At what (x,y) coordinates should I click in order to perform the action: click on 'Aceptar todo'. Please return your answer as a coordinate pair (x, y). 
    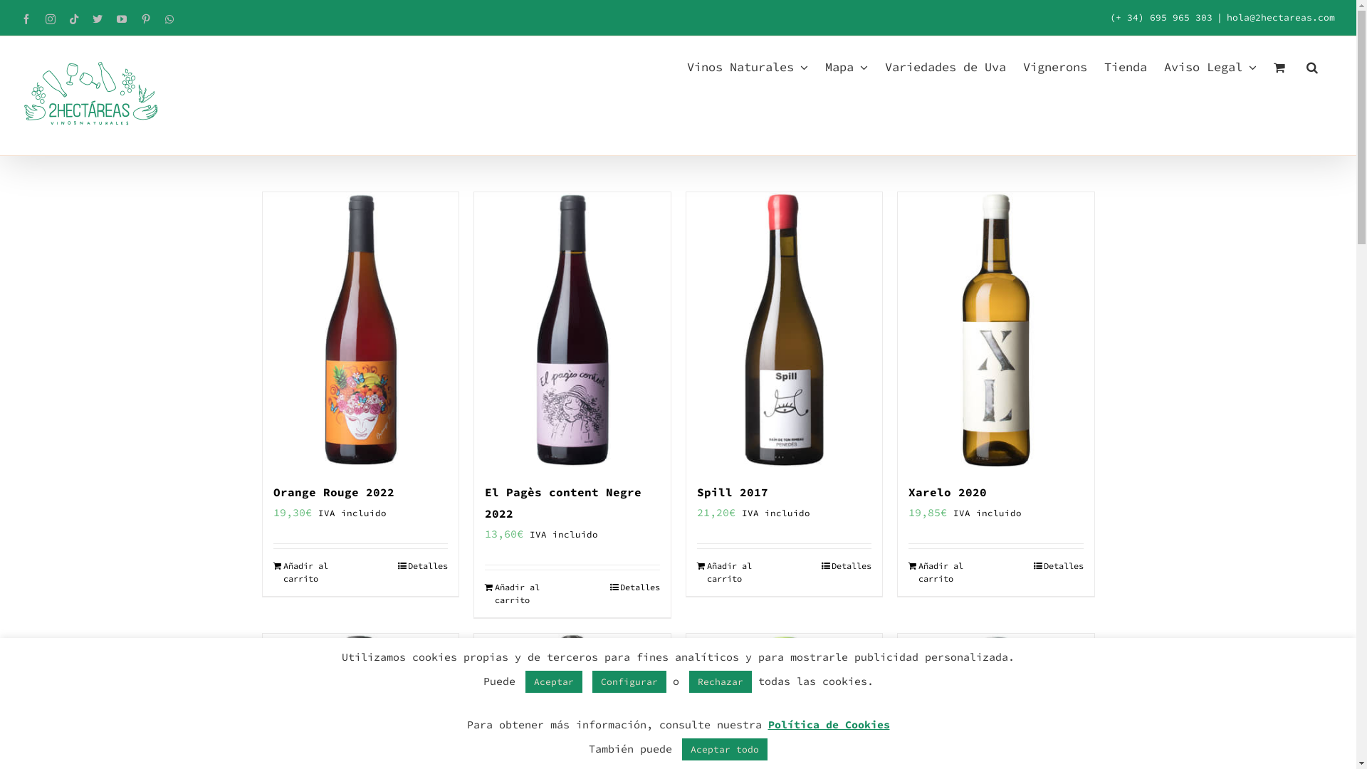
    Looking at the image, I should click on (724, 748).